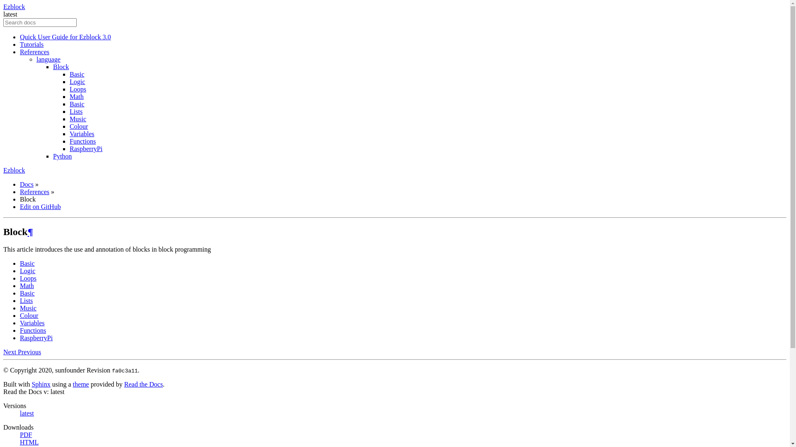 Image resolution: width=796 pixels, height=447 pixels. Describe the element at coordinates (27, 413) in the screenshot. I see `'latest'` at that location.